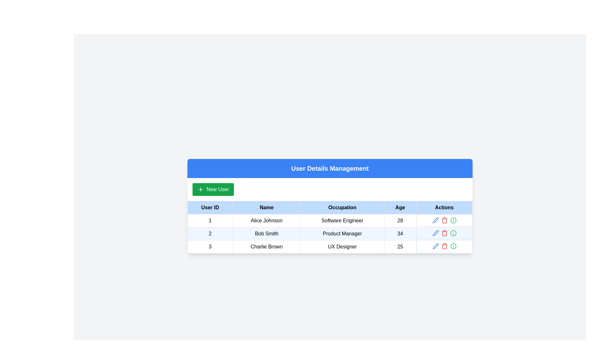 The image size is (611, 344). I want to click on the red trashcan icon in the Actions column for Bob Smith, so click(444, 233).